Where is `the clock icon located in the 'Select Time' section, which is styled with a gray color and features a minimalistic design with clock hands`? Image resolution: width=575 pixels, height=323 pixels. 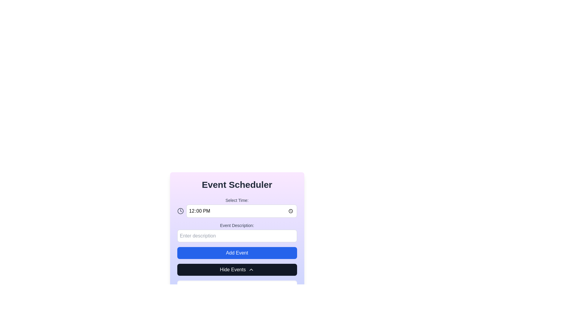
the clock icon located in the 'Select Time' section, which is styled with a gray color and features a minimalistic design with clock hands is located at coordinates (180, 211).